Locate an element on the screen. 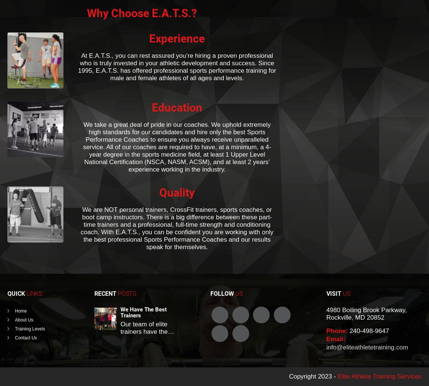 The height and width of the screenshot is (386, 429). 'Experience' is located at coordinates (177, 38).